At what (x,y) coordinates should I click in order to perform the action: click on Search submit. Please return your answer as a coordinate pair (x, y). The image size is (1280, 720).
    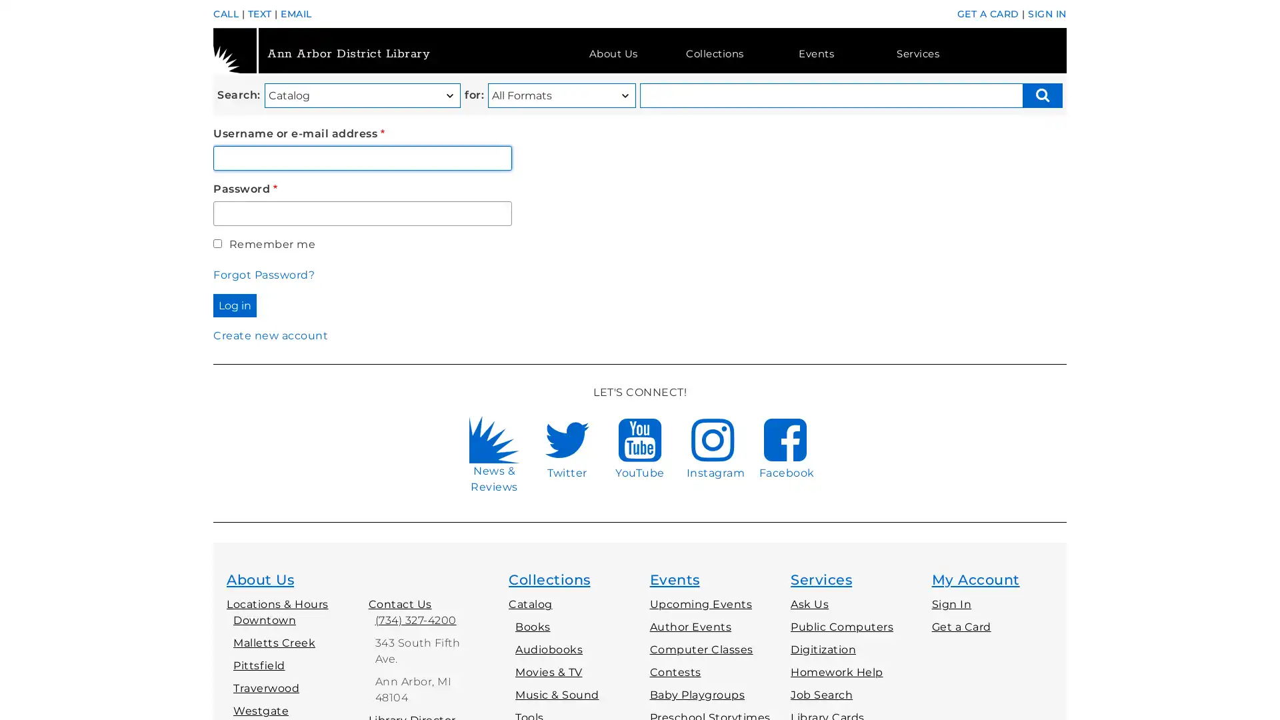
    Looking at the image, I should click on (1041, 95).